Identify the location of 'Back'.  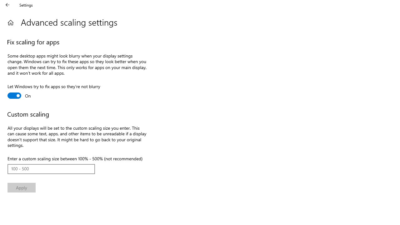
(7, 5).